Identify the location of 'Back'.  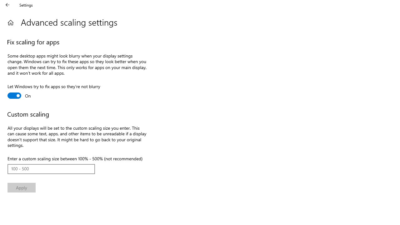
(7, 5).